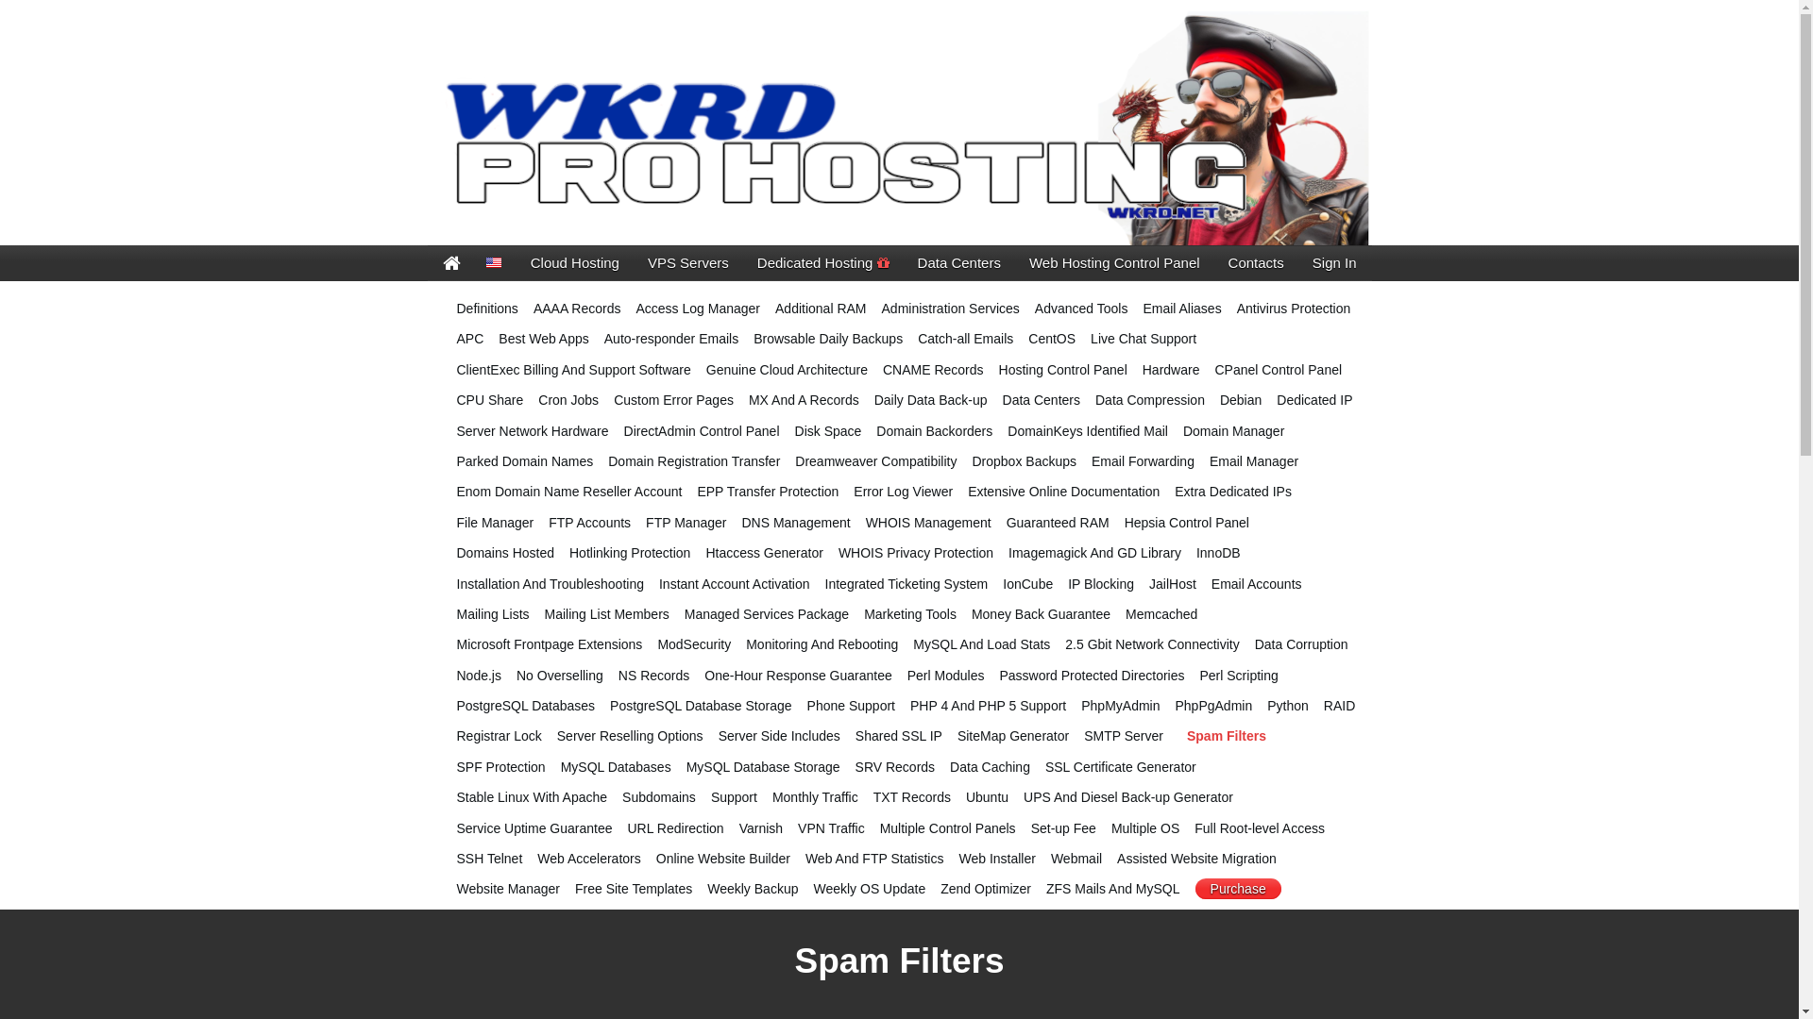 Image resolution: width=1813 pixels, height=1019 pixels. What do you see at coordinates (576, 308) in the screenshot?
I see `'AAAA Records'` at bounding box center [576, 308].